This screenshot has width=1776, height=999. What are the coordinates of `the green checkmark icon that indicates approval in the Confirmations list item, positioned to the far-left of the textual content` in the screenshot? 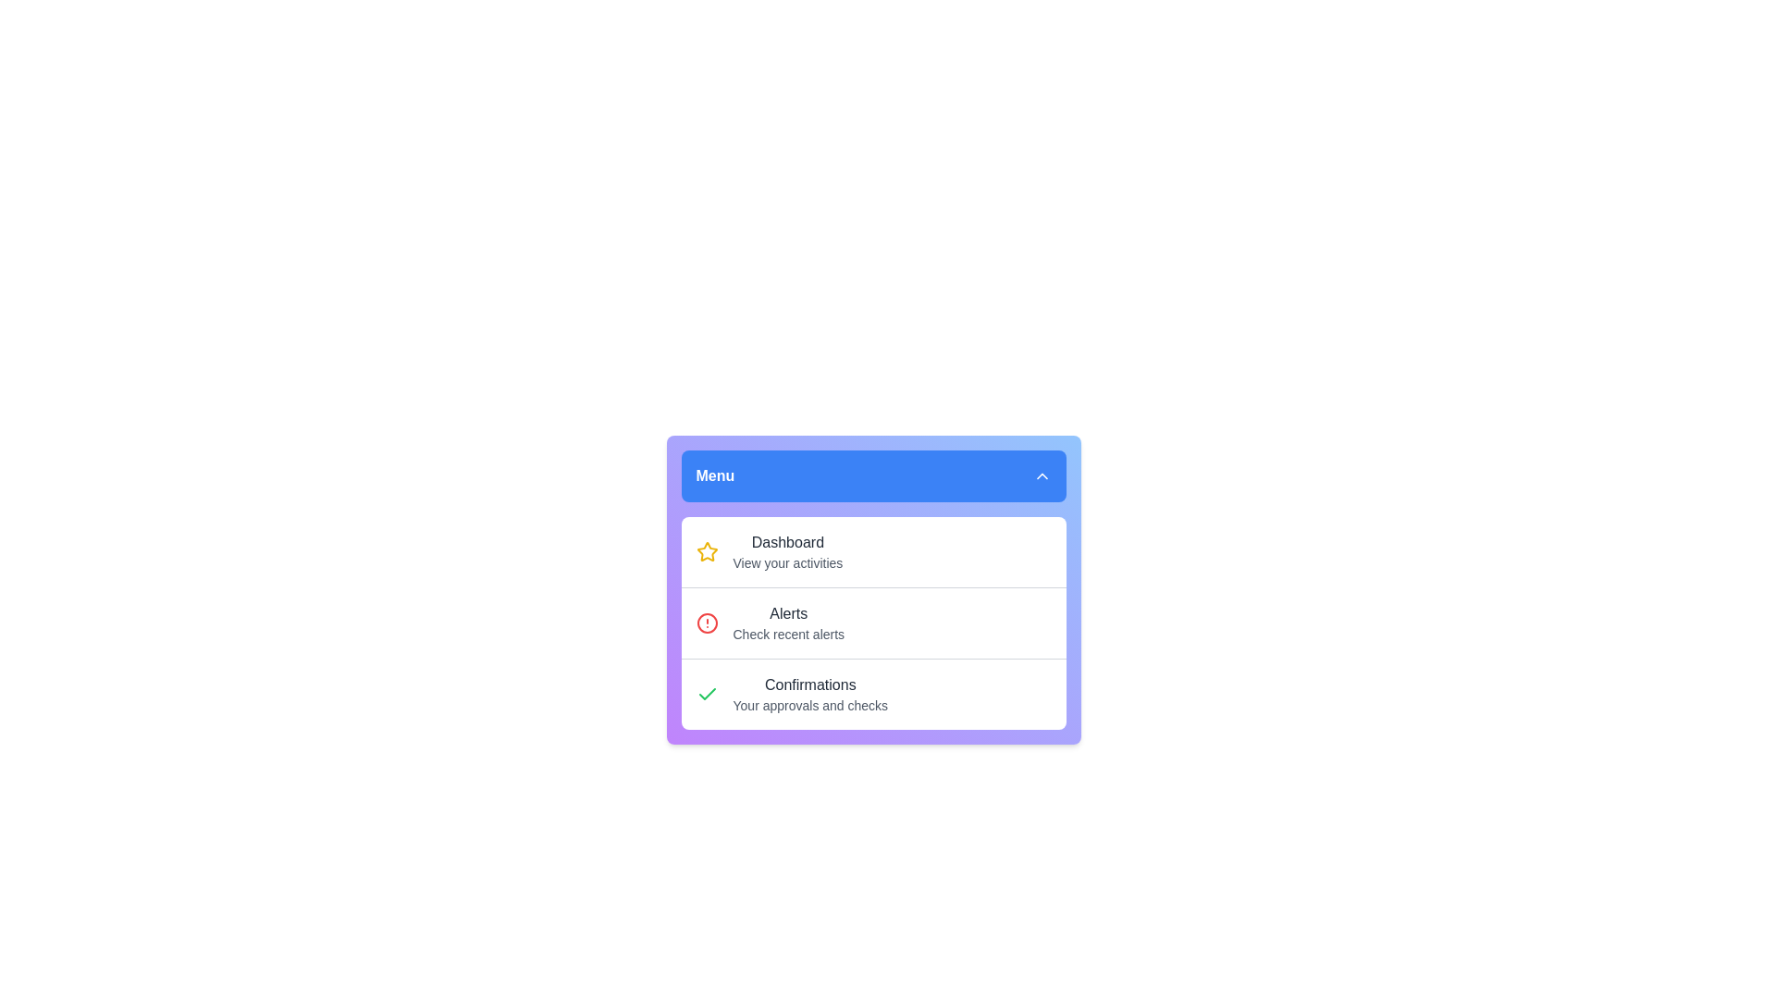 It's located at (706, 695).